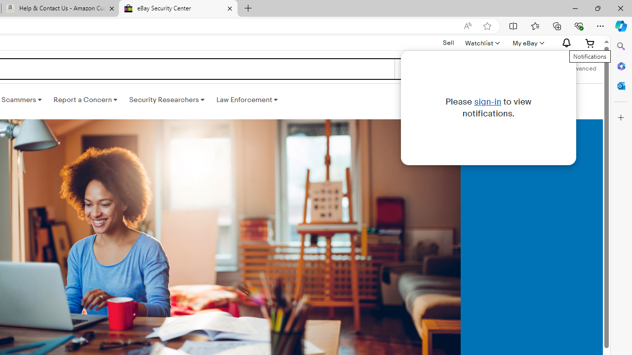 This screenshot has height=355, width=632. I want to click on 'Sell', so click(448, 42).